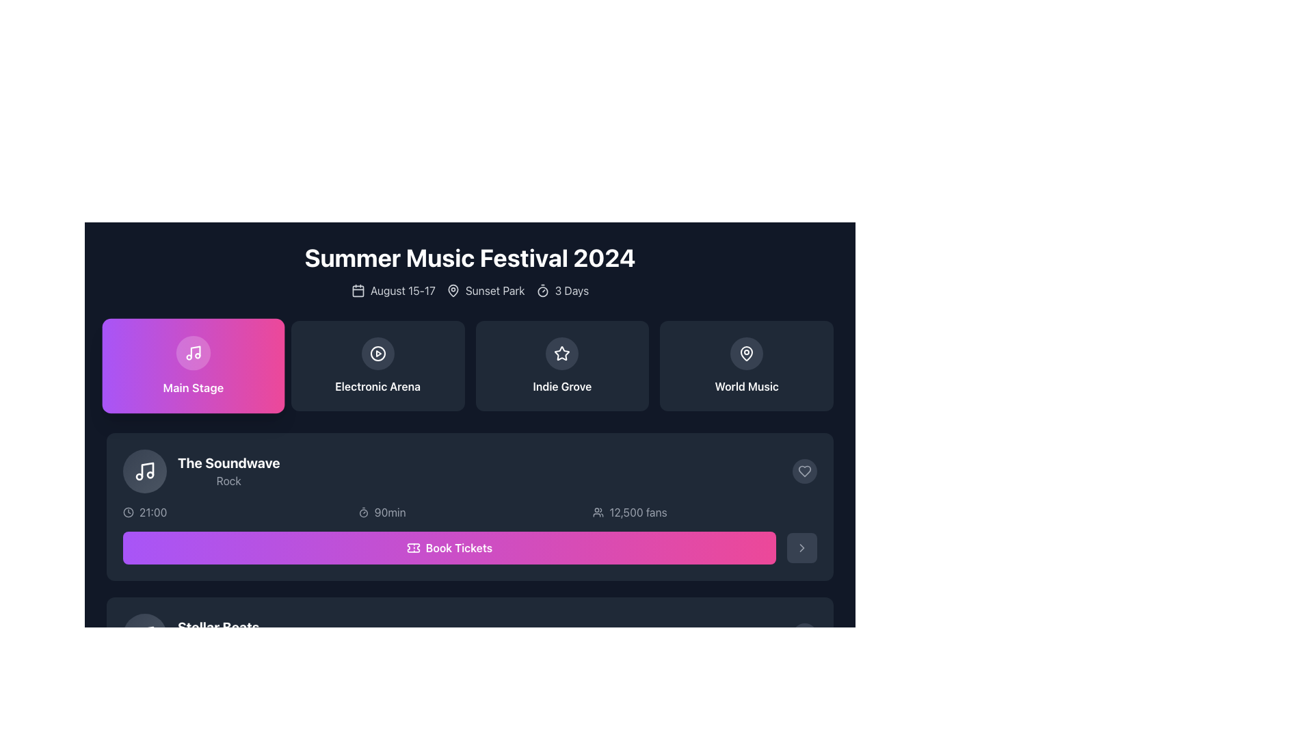 This screenshot has width=1313, height=739. What do you see at coordinates (470, 712) in the screenshot?
I see `the button below the details of 'The Soundwave' event to initiate the ticket booking process` at bounding box center [470, 712].